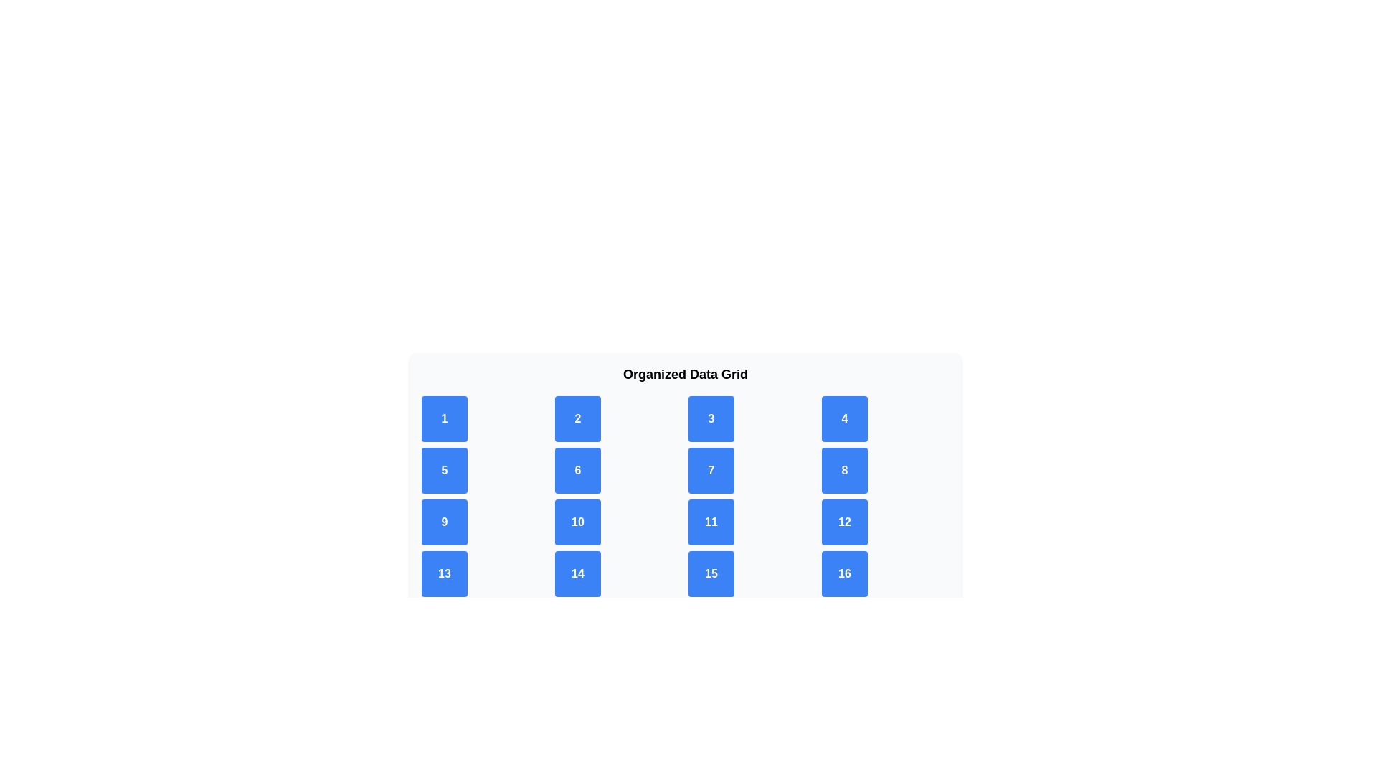  What do you see at coordinates (578, 470) in the screenshot?
I see `the blue square button labeled '6' located in the second row and second column of a 4x4 grid` at bounding box center [578, 470].